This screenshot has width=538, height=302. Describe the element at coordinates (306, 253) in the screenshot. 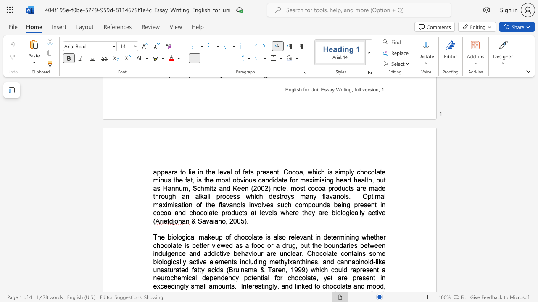

I see `the subset text "Chocol" within the text "whether chocolate is better viewed as a food or a drug, but the boundaries between indulgence and addictive behaviour are unclear. Chocolate"` at that location.